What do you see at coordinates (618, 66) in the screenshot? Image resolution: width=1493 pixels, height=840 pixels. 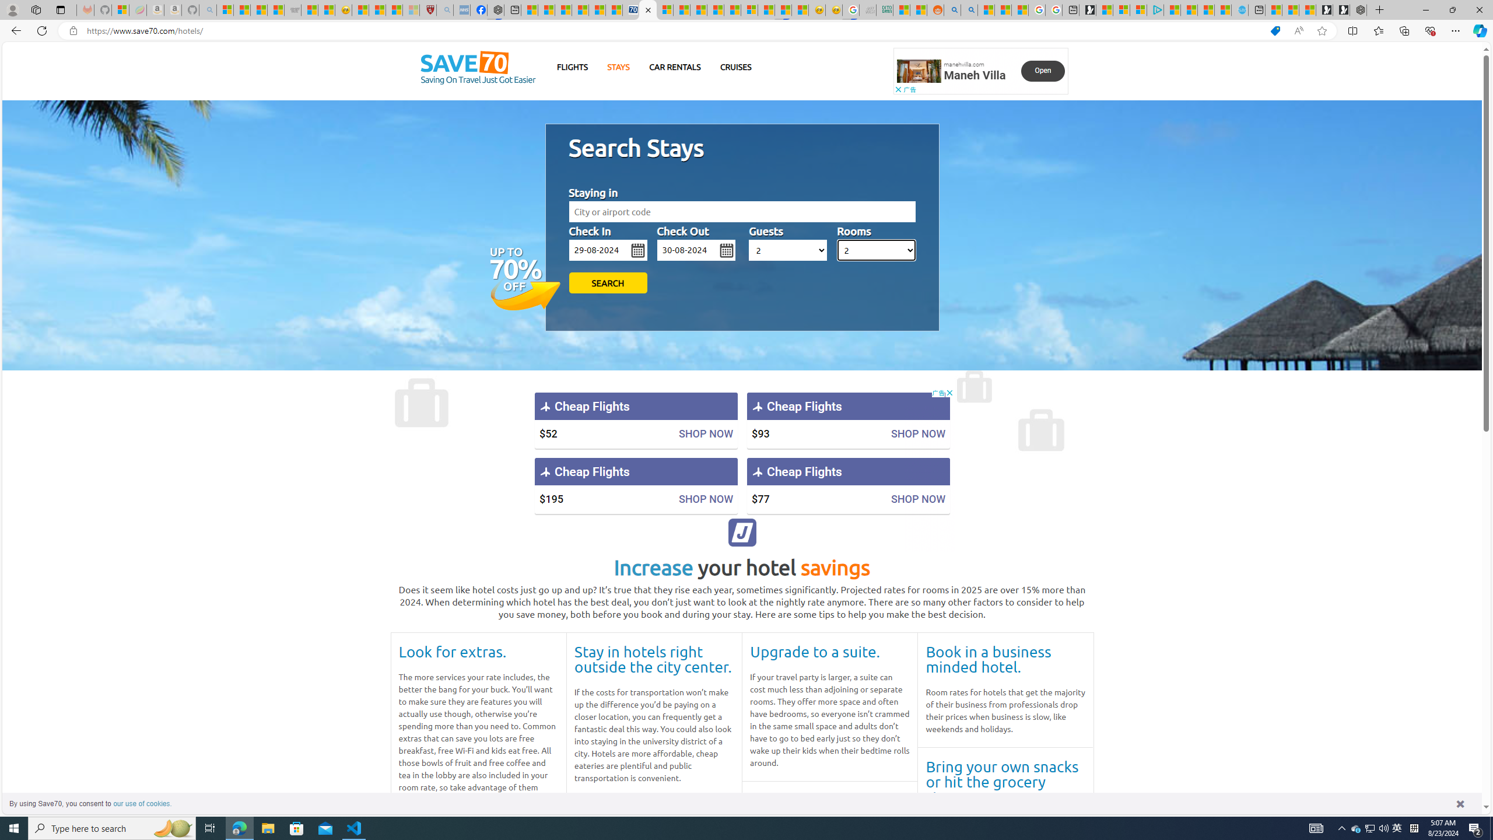 I see `'STAYS'` at bounding box center [618, 66].